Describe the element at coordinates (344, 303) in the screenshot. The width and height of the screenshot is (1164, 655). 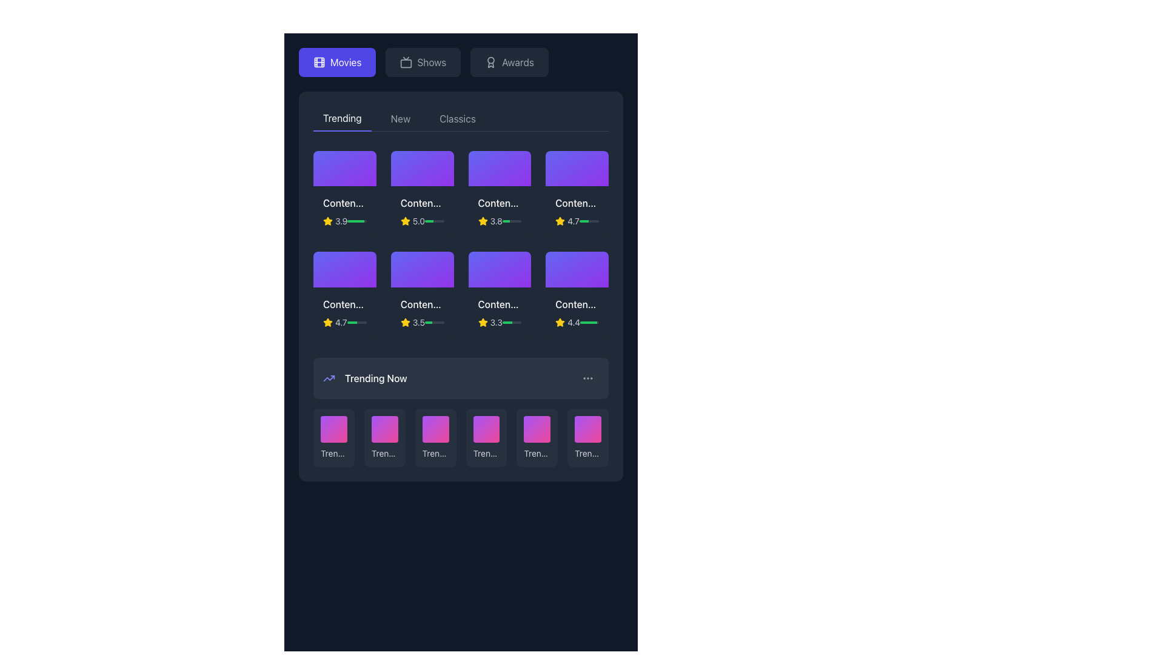
I see `text content of the label identified as 'Content Title 5' located in the lower-left corner of the grid in the 'Trending' section under the 'Movies' tab` at that location.